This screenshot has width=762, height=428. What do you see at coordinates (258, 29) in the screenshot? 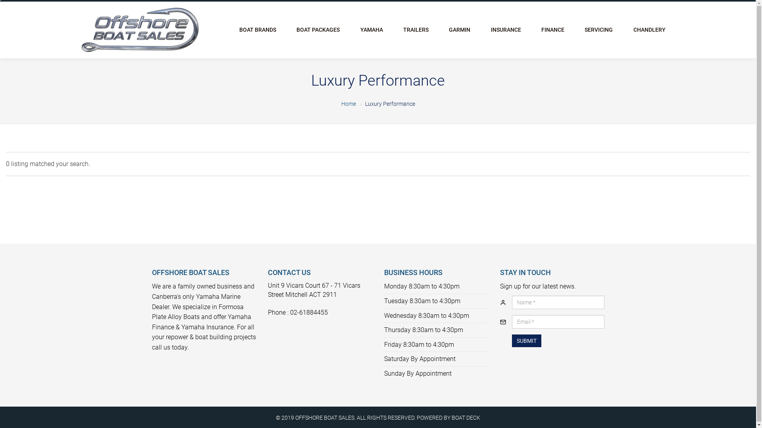
I see `'BOAT BRANDS'` at bounding box center [258, 29].